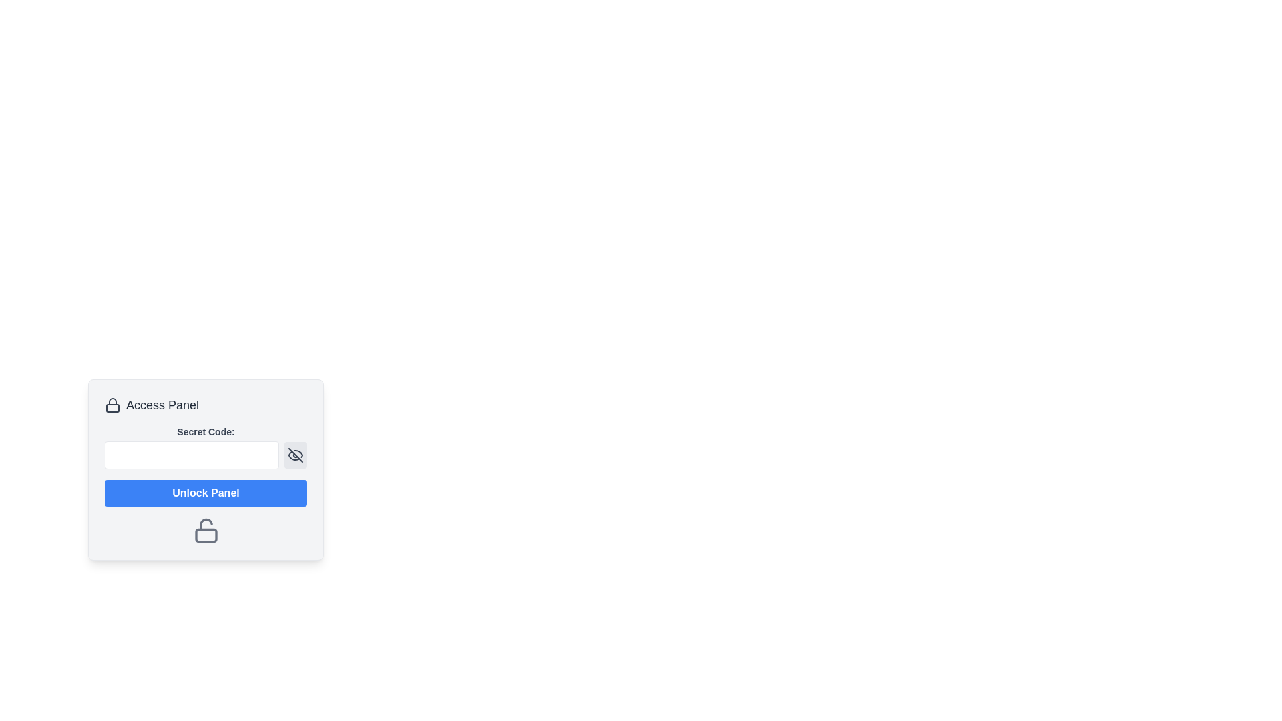 The width and height of the screenshot is (1282, 721). What do you see at coordinates (112, 407) in the screenshot?
I see `the rectangular shape with rounded corners that forms the main body of the lock icon at the bottom-center of the panel` at bounding box center [112, 407].